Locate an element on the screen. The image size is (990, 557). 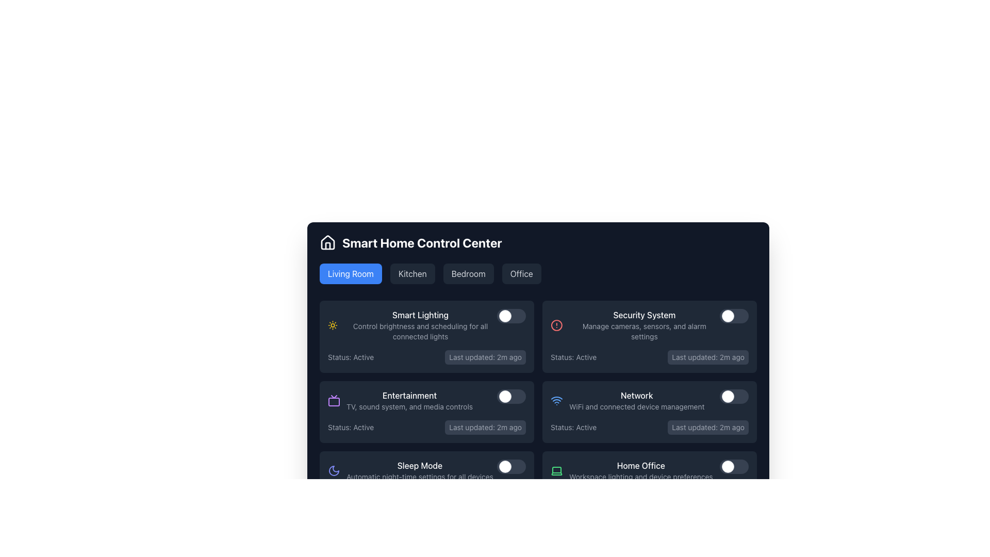
the informational label displaying 'Last updated: 2m ago' with a dark gray background located at the bottom-right corner of the 'Security System' module is located at coordinates (707, 357).